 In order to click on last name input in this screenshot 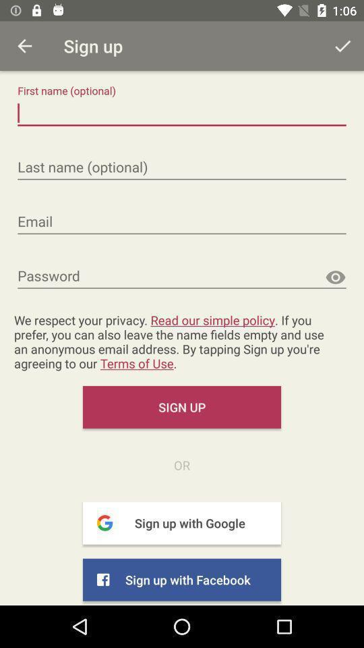, I will do `click(182, 167)`.